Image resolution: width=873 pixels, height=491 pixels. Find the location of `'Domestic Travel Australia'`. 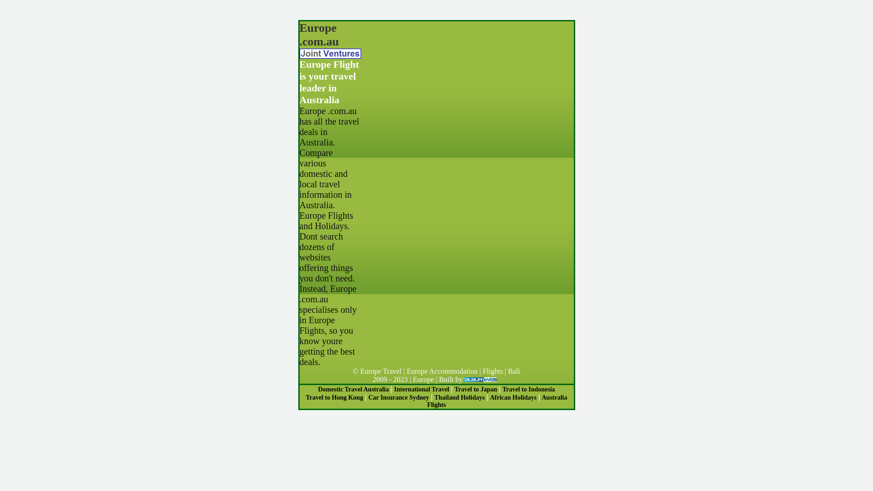

'Domestic Travel Australia' is located at coordinates (353, 389).